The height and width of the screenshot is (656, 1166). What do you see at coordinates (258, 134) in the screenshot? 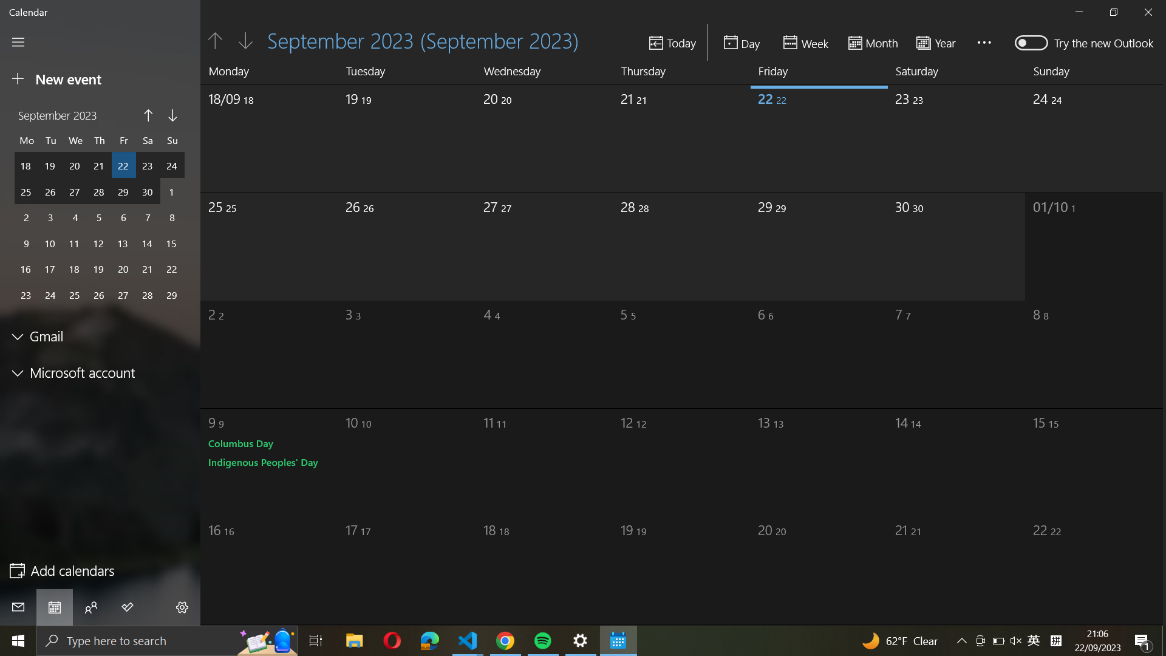
I see `the date September 18th` at bounding box center [258, 134].